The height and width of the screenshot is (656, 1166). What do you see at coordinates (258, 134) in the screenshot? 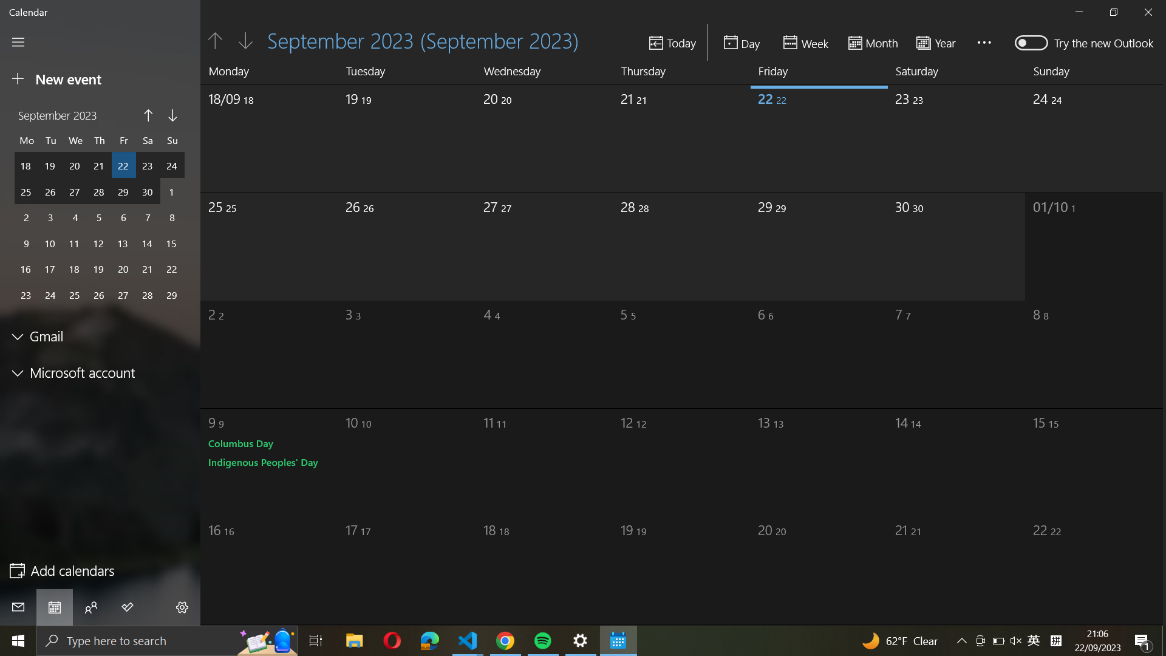
I see `the date September 18th` at bounding box center [258, 134].